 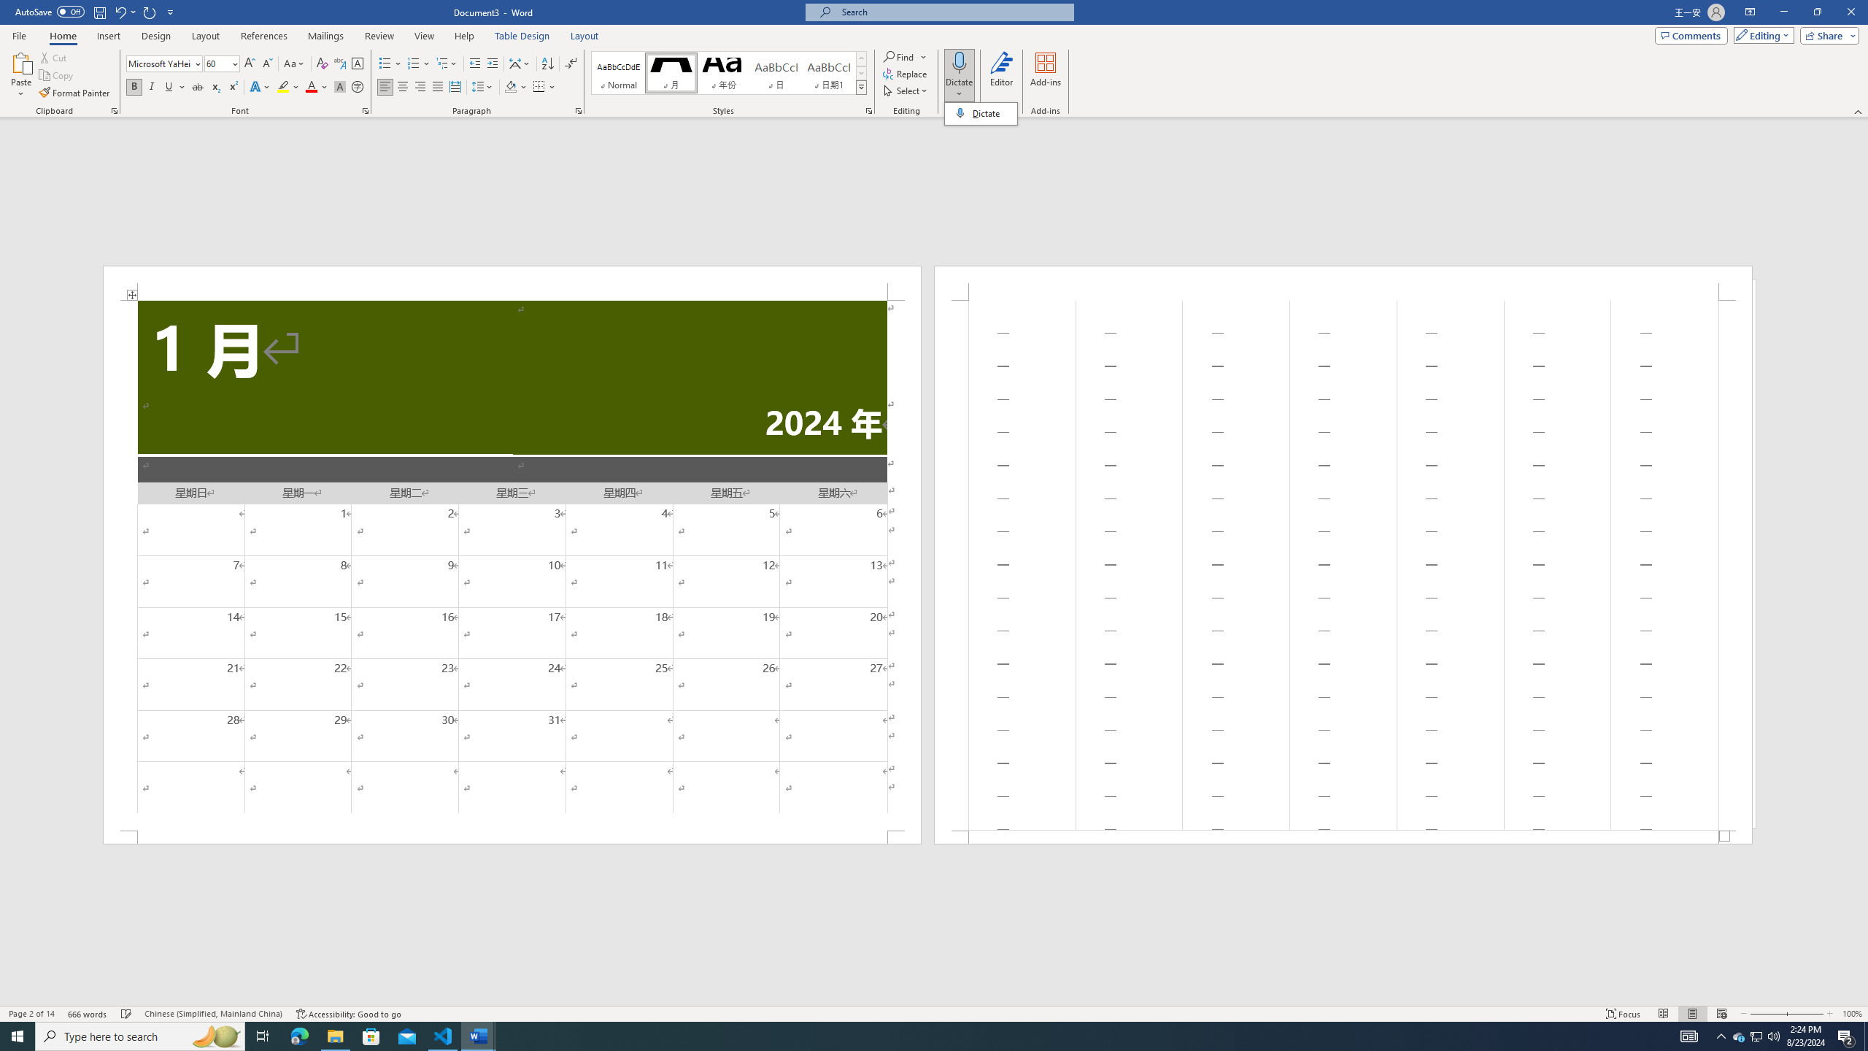 I want to click on 'Microsoft Edge', so click(x=298, y=1035).